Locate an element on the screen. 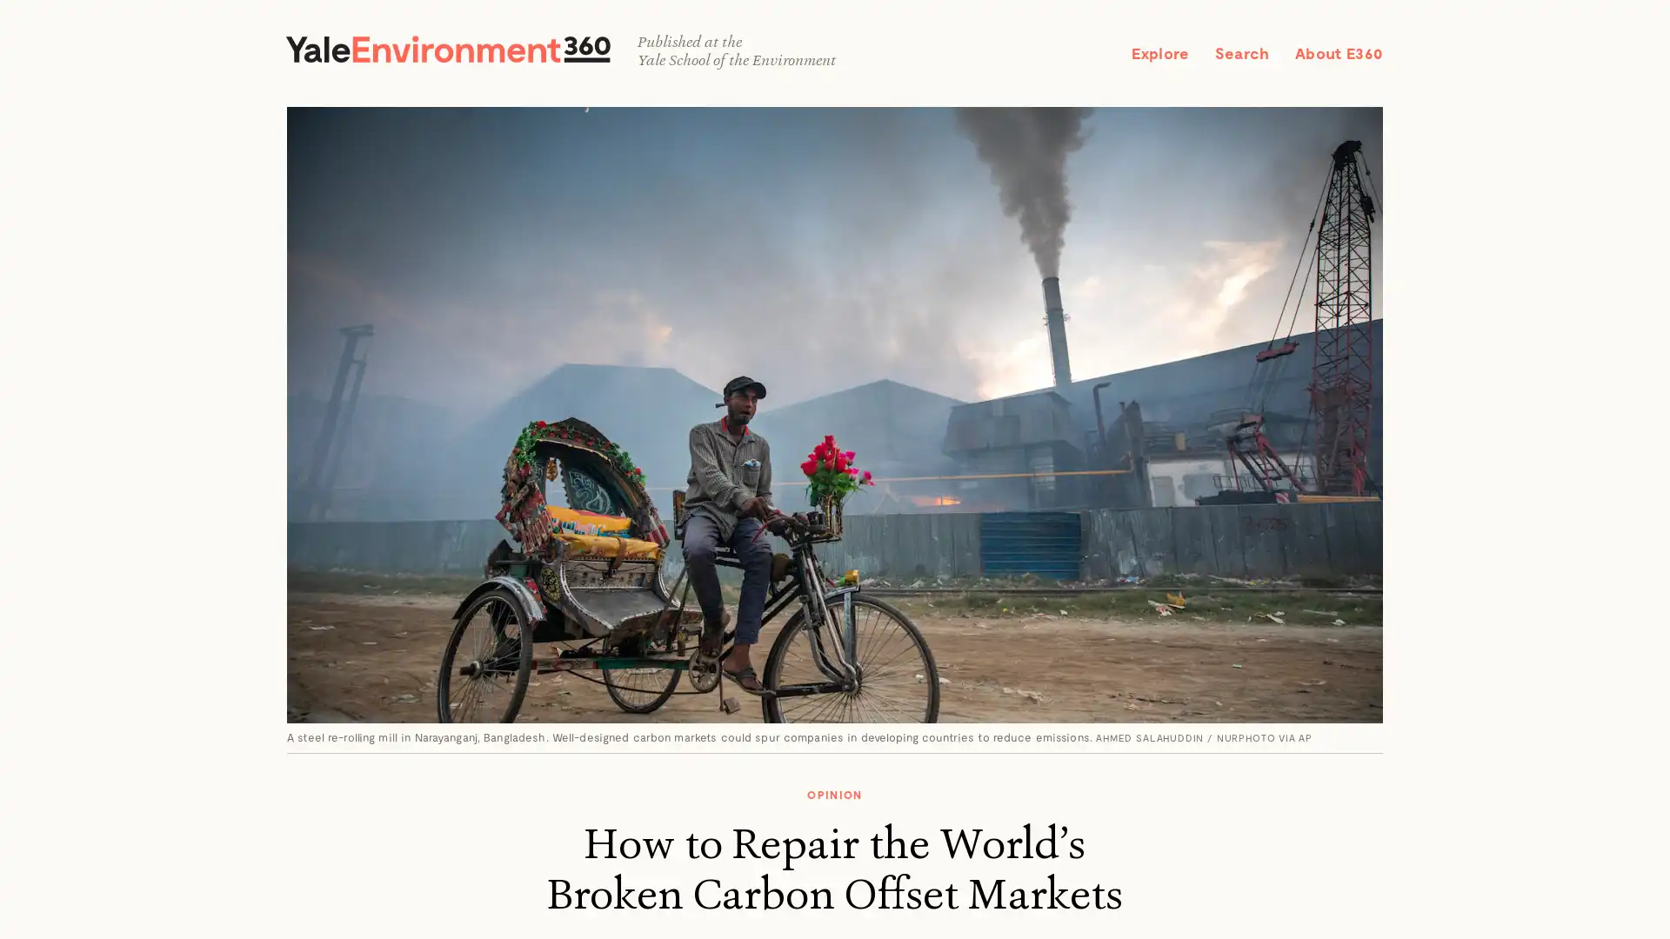 The image size is (1670, 939). YES, I WILL DONATE. is located at coordinates (833, 556).